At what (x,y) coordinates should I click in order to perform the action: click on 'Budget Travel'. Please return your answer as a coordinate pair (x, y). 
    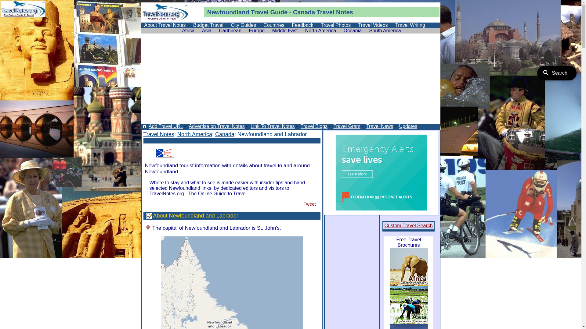
    Looking at the image, I should click on (208, 25).